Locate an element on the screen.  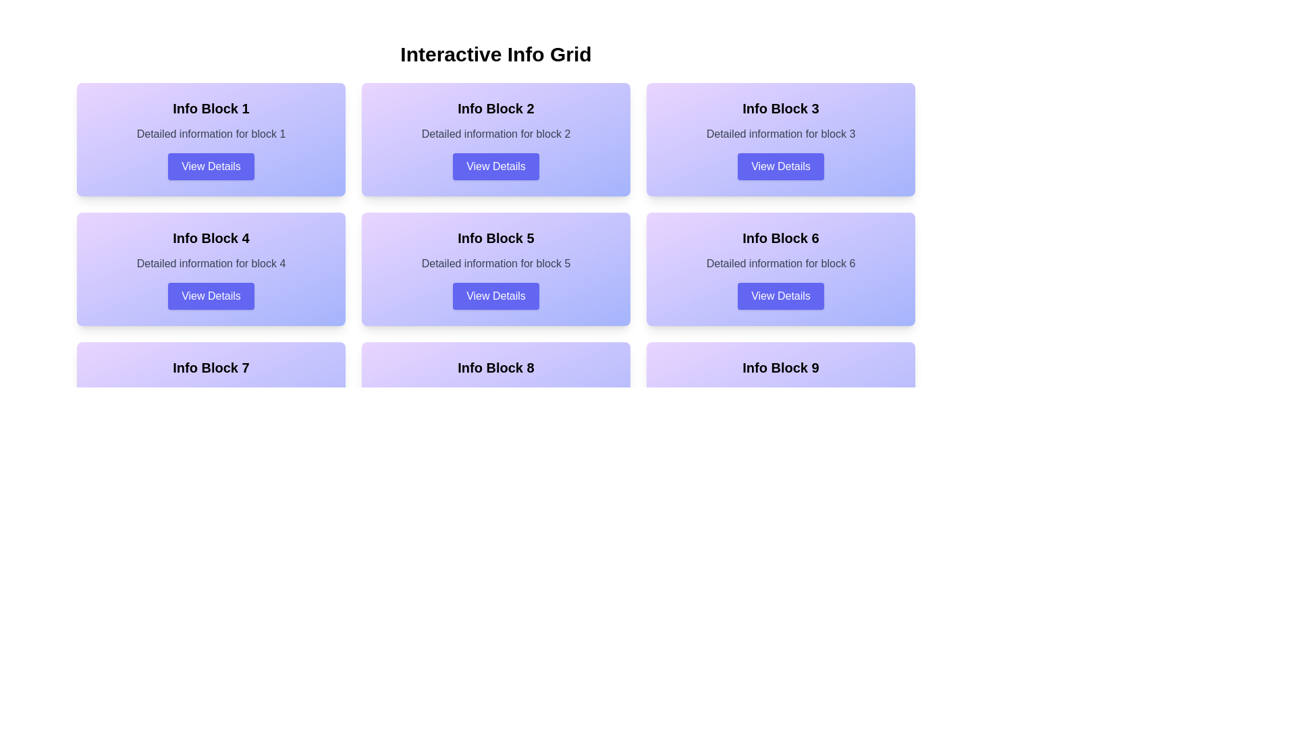
the informational card for 'Block 9', which is located in the last row and third column of the grid layout is located at coordinates (780, 398).